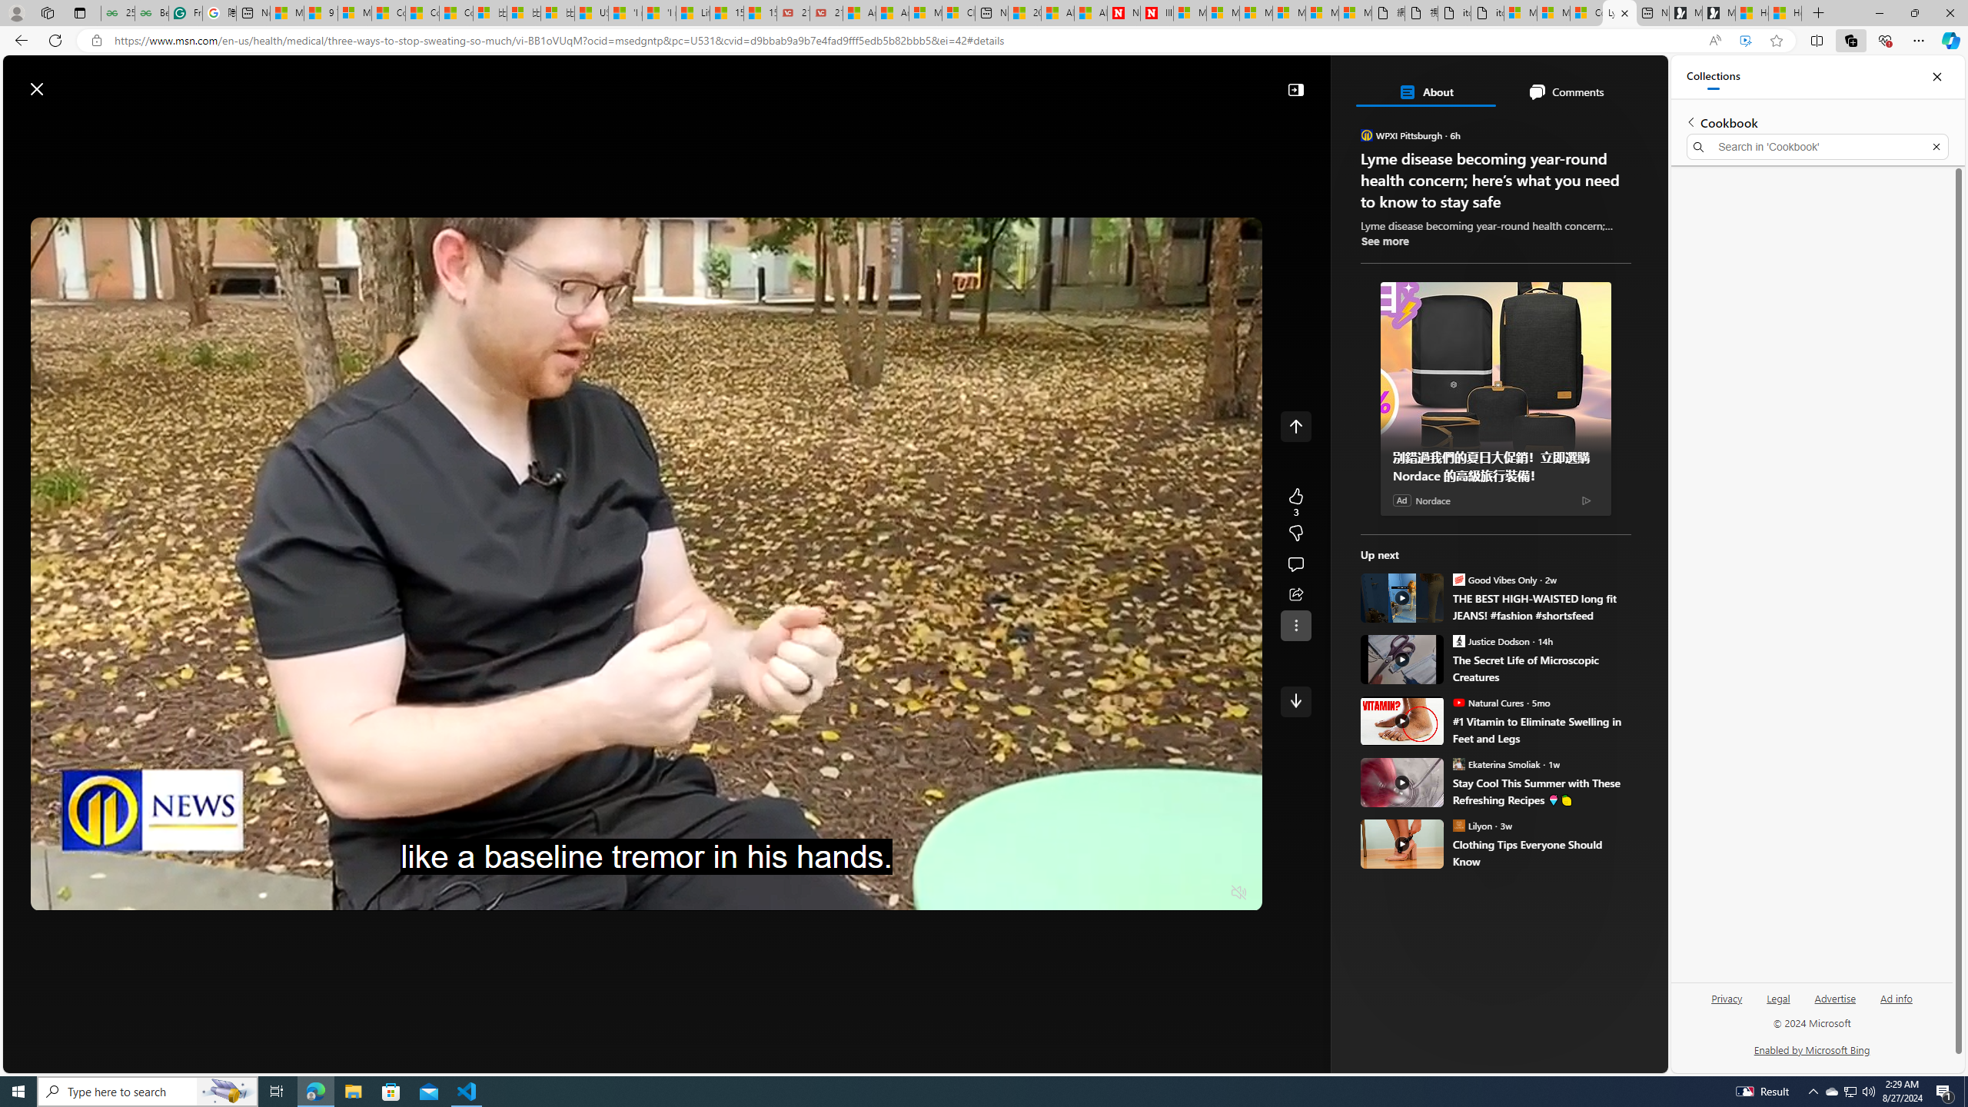 This screenshot has width=1968, height=1107. Describe the element at coordinates (1295, 594) in the screenshot. I see `'Share this story'` at that location.